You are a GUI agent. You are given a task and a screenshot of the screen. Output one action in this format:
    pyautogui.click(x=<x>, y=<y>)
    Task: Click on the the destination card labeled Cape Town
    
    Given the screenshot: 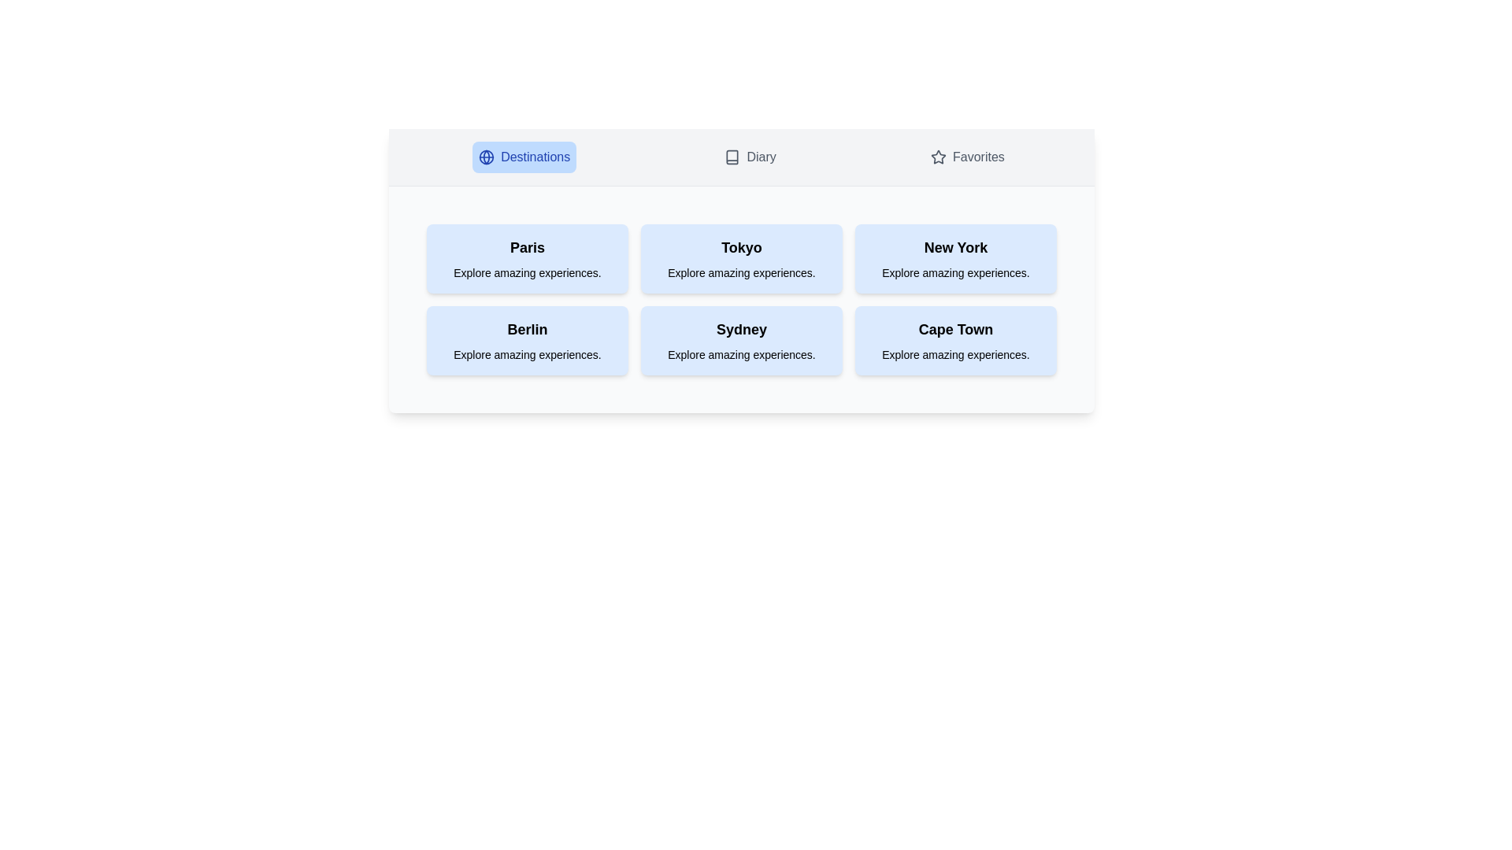 What is the action you would take?
    pyautogui.click(x=955, y=339)
    